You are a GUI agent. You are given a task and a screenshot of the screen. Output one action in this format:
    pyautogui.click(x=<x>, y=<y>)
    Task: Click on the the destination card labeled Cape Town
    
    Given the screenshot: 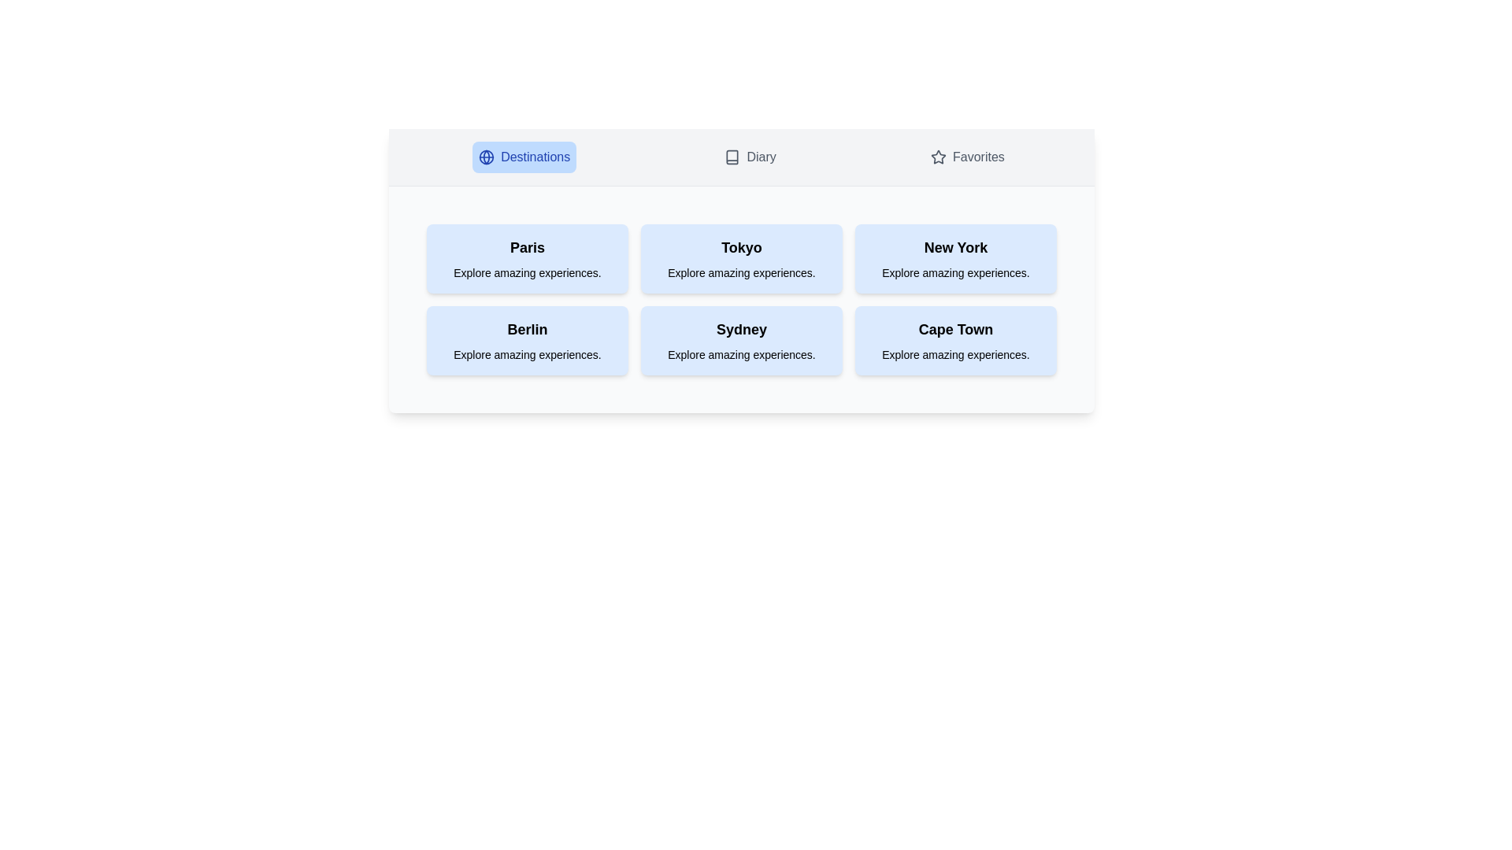 What is the action you would take?
    pyautogui.click(x=955, y=339)
    